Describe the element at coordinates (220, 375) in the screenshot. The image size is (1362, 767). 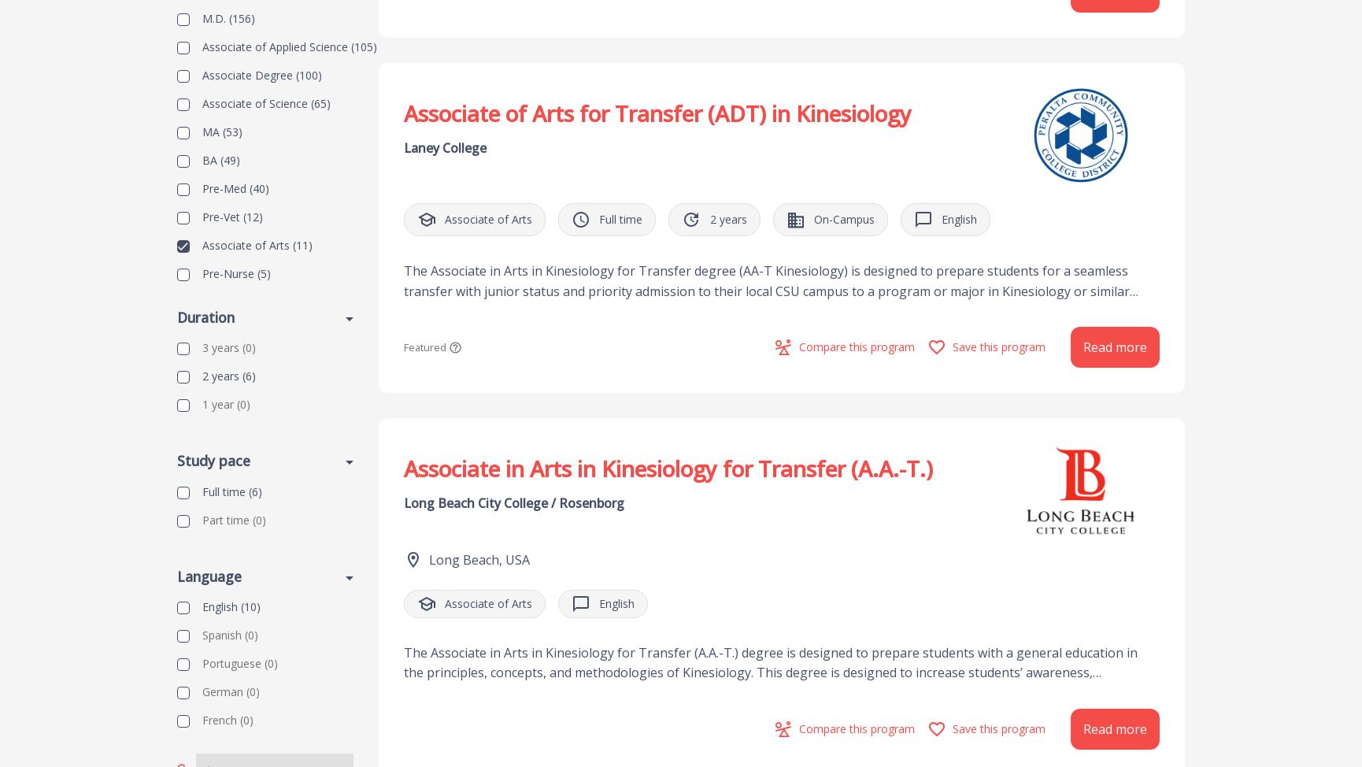
I see `'2 years'` at that location.